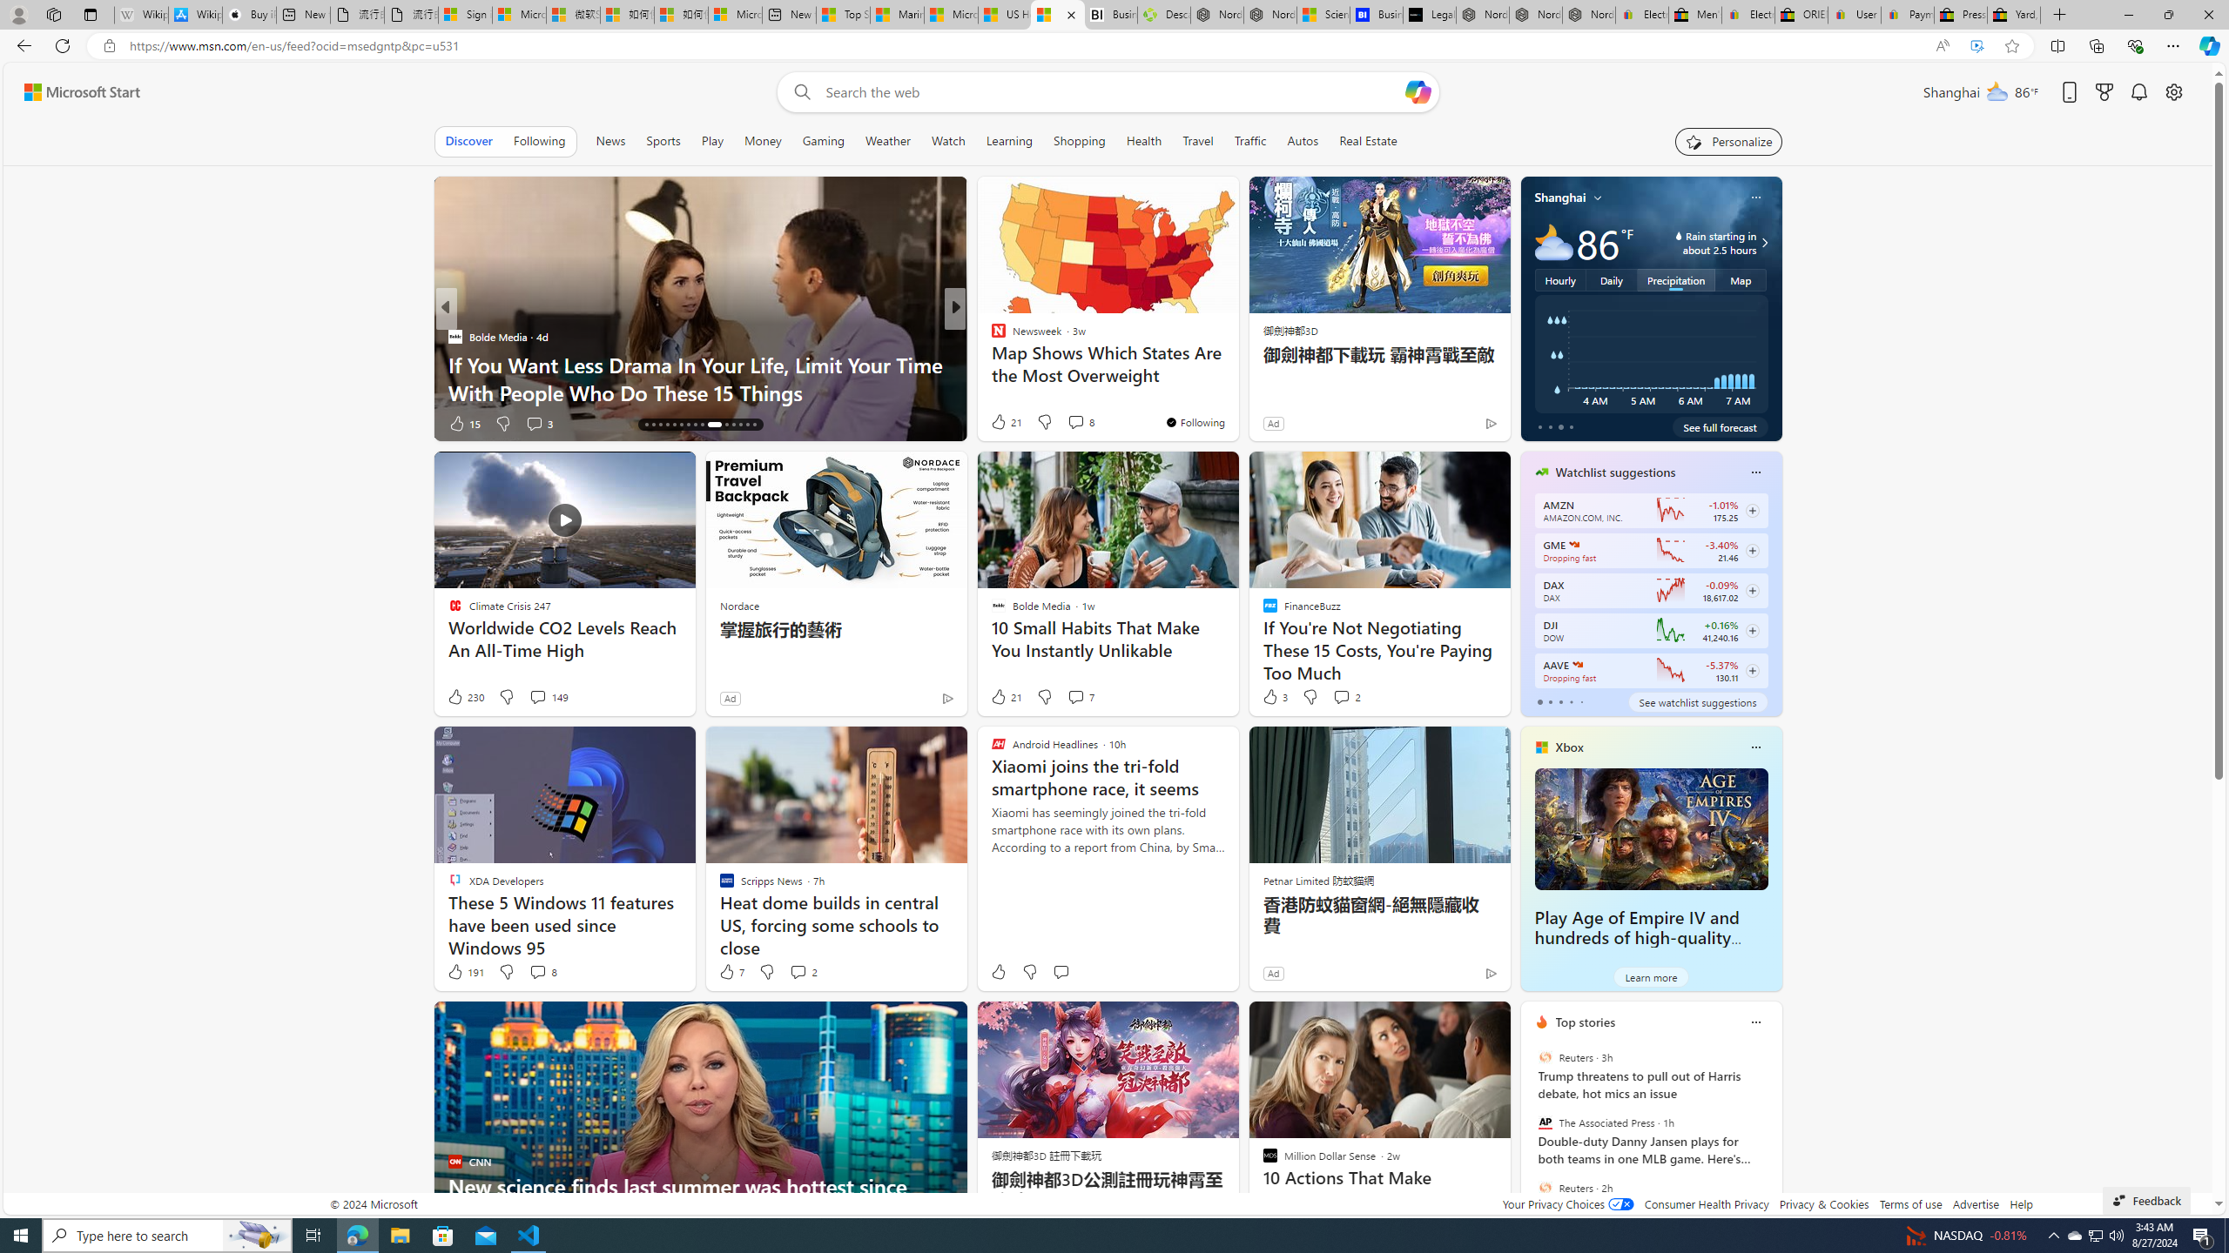 This screenshot has height=1253, width=2229. I want to click on 'View comments 7 Comment', so click(1075, 696).